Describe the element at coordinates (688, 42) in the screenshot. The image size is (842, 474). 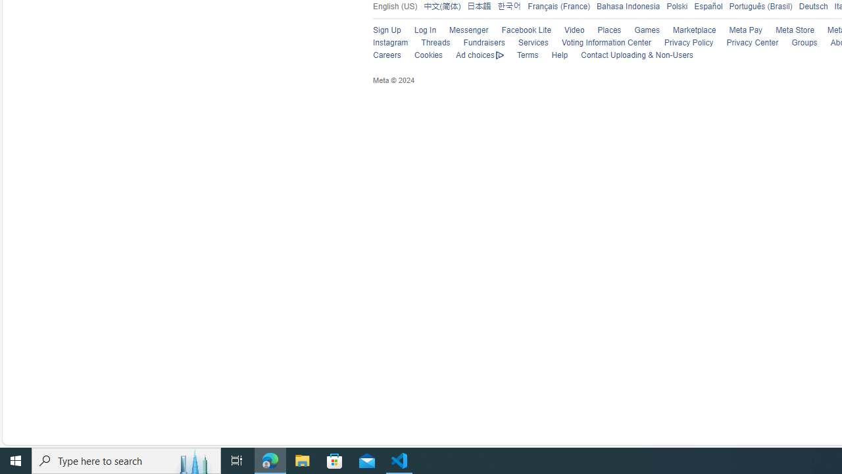
I see `'Privacy Policy'` at that location.